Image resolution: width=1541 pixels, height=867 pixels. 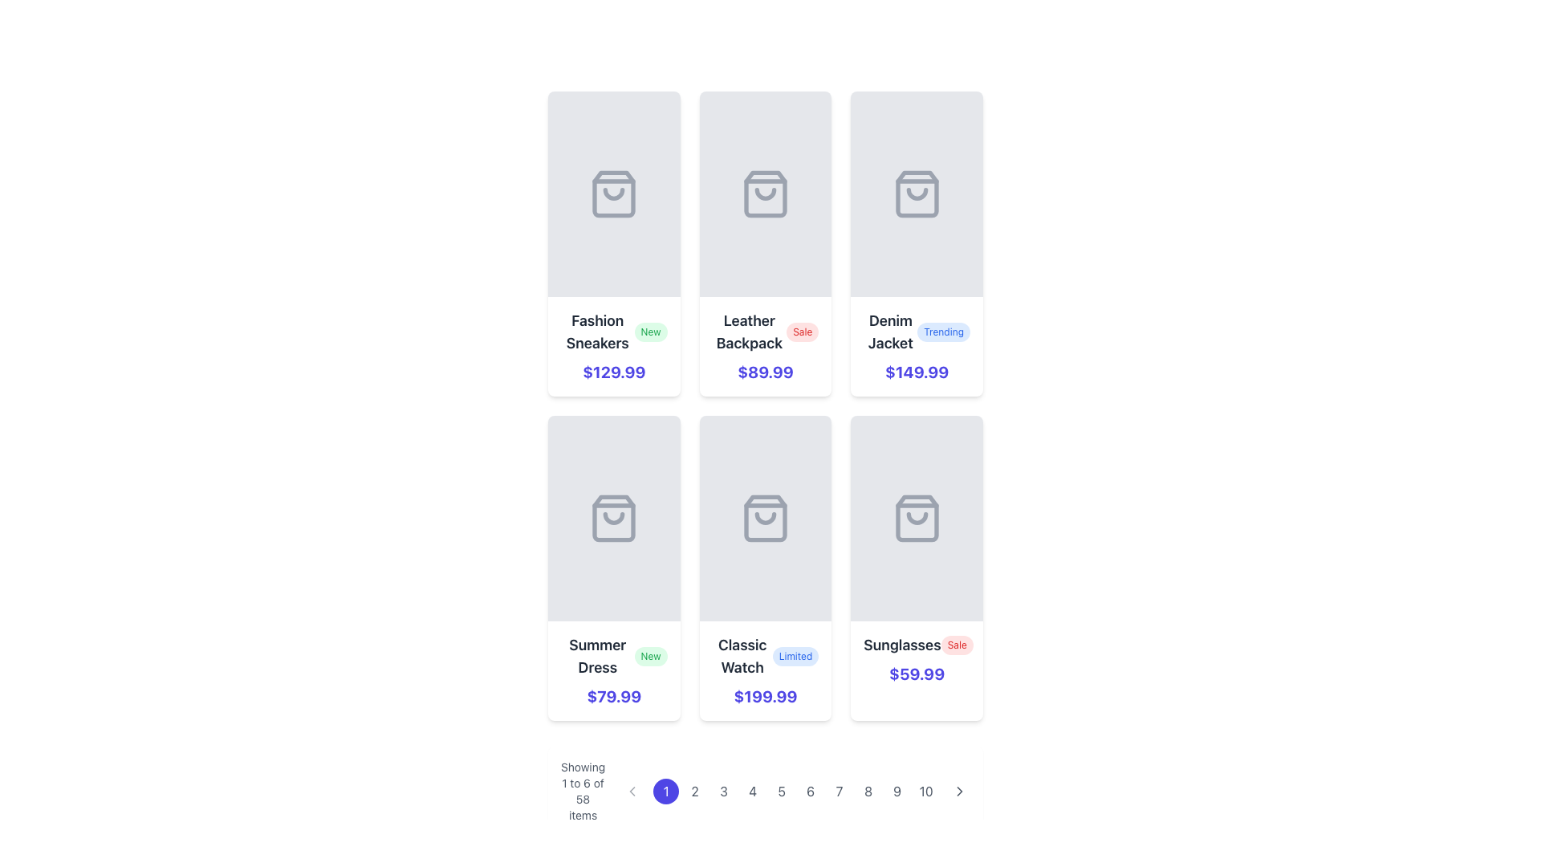 What do you see at coordinates (803, 331) in the screenshot?
I see `the 'Sale' badge, which is a small, rounded badge with red text on a light red background, located to the right of the 'Leather Backpack' text in the card item of the grid layout` at bounding box center [803, 331].